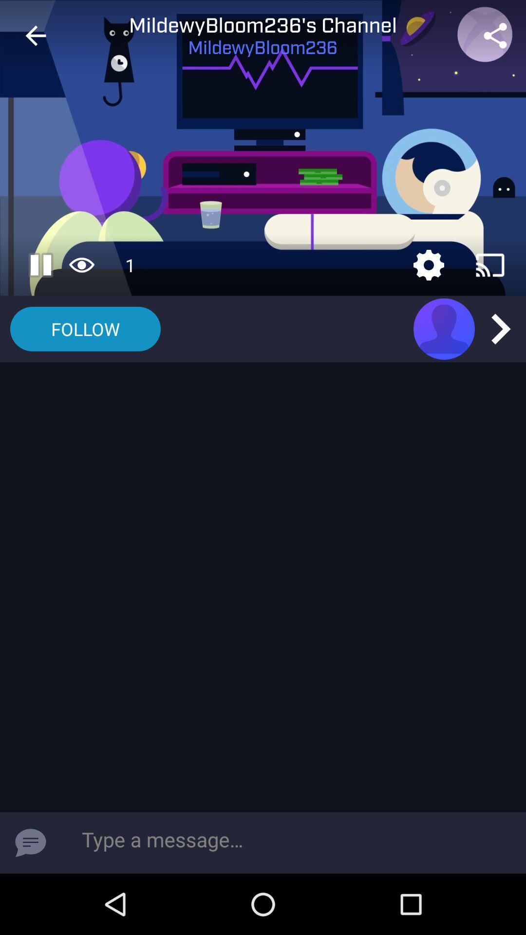 The height and width of the screenshot is (935, 526). I want to click on item at the bottom left corner, so click(30, 842).